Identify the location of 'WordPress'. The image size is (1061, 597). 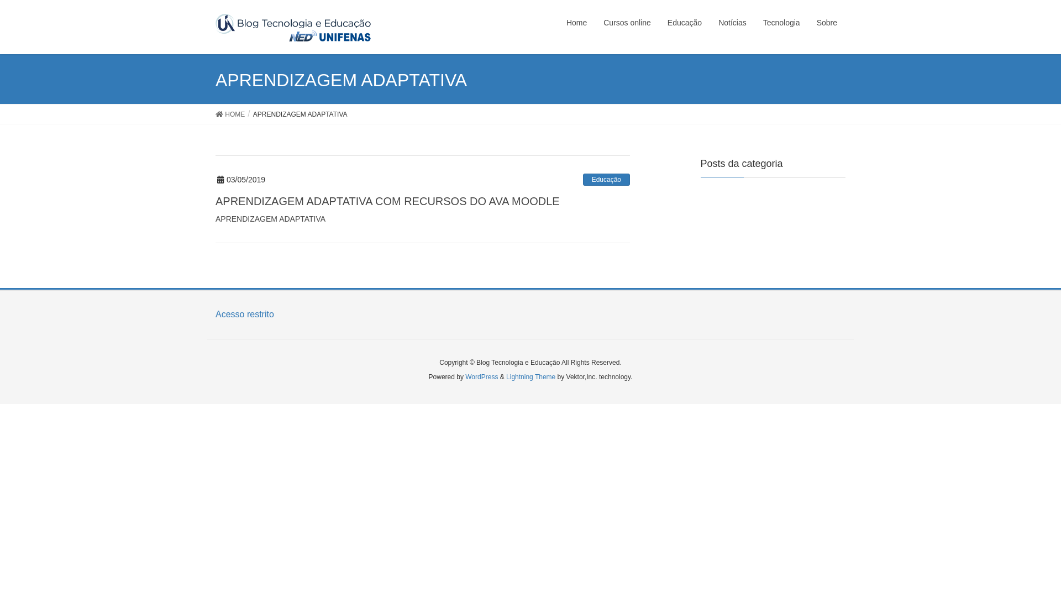
(481, 376).